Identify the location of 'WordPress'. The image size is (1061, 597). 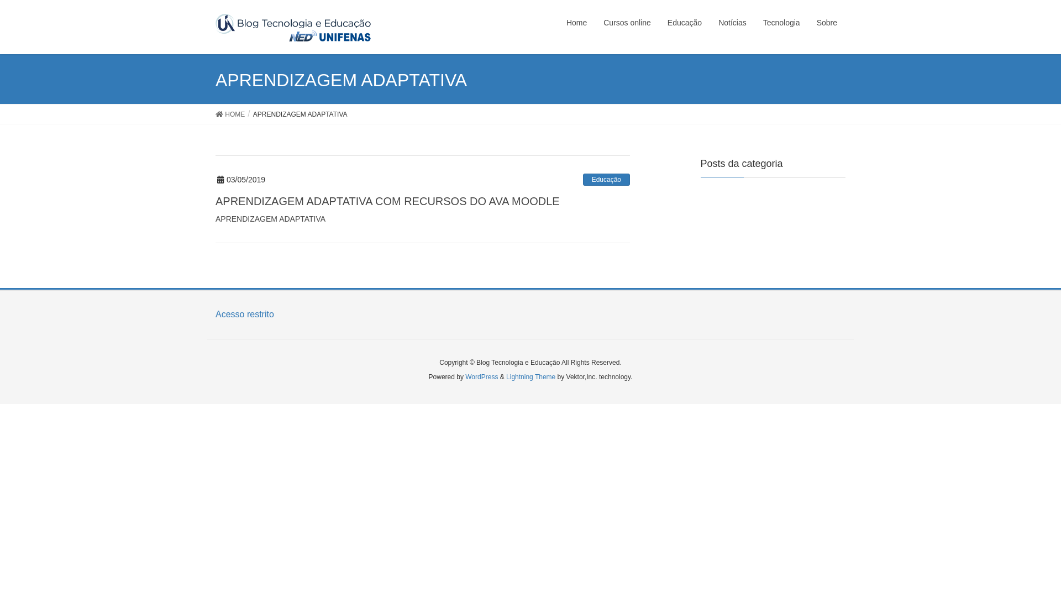
(481, 376).